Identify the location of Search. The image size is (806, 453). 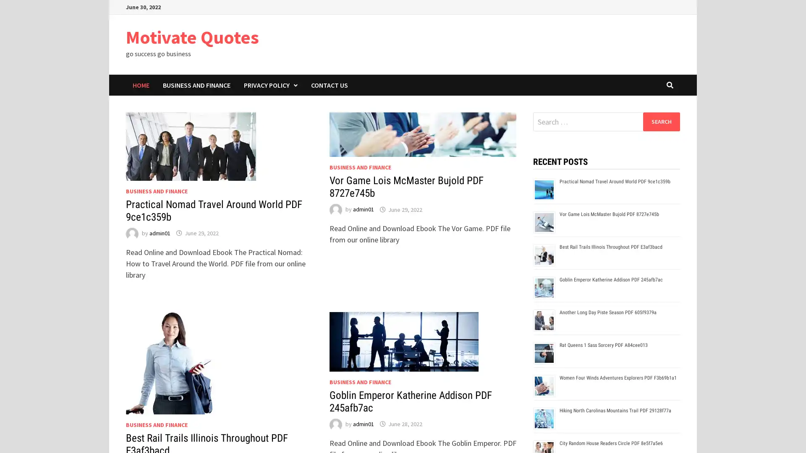
(661, 121).